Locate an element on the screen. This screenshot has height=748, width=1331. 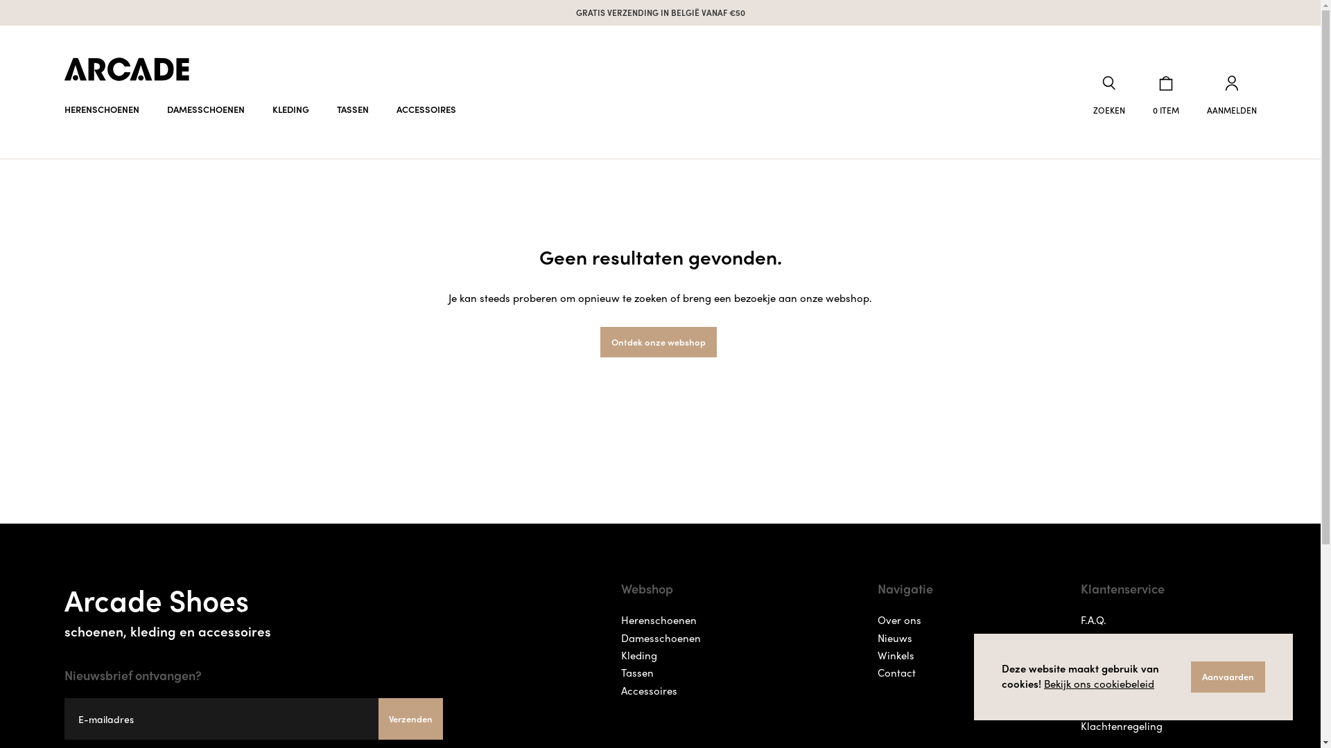
'Aanvaarden' is located at coordinates (1228, 676).